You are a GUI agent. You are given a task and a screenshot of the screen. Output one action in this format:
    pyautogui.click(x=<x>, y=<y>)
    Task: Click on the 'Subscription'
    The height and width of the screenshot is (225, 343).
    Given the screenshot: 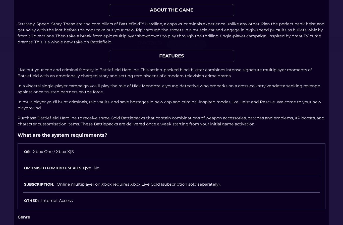 What is the action you would take?
    pyautogui.click(x=38, y=184)
    